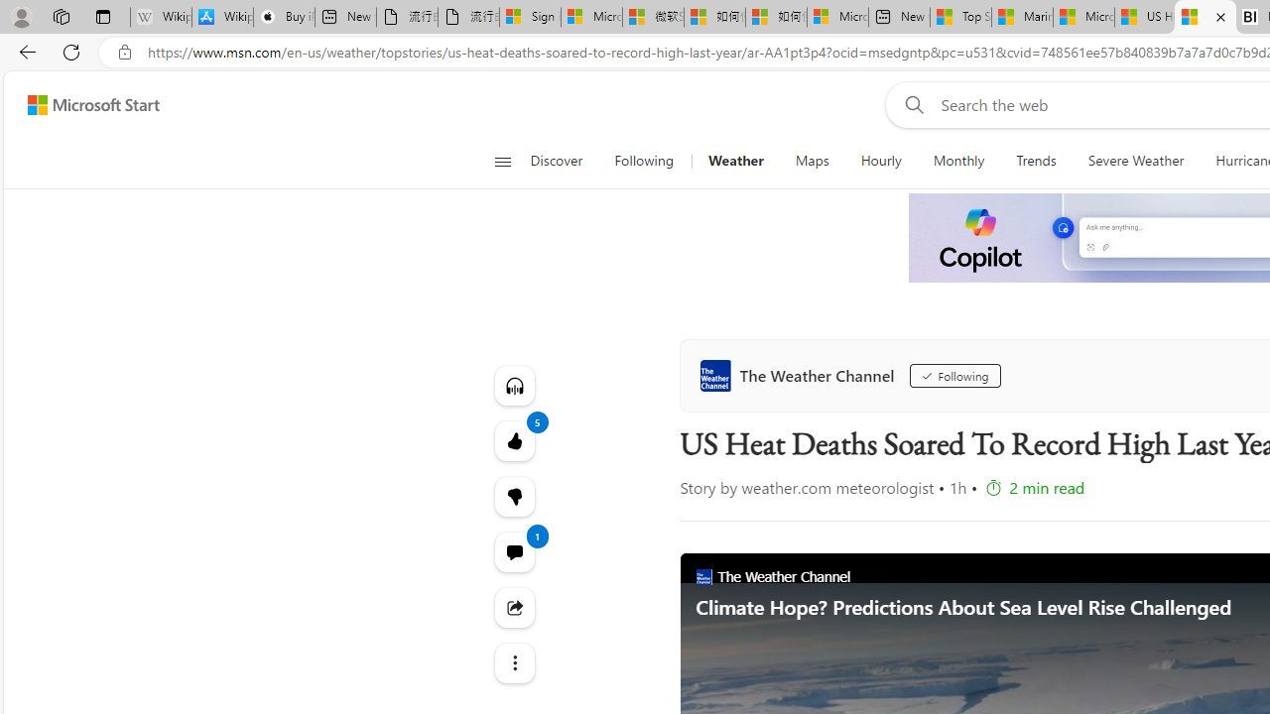 This screenshot has height=714, width=1270. Describe the element at coordinates (590, 17) in the screenshot. I see `'Microsoft Services Agreement'` at that location.